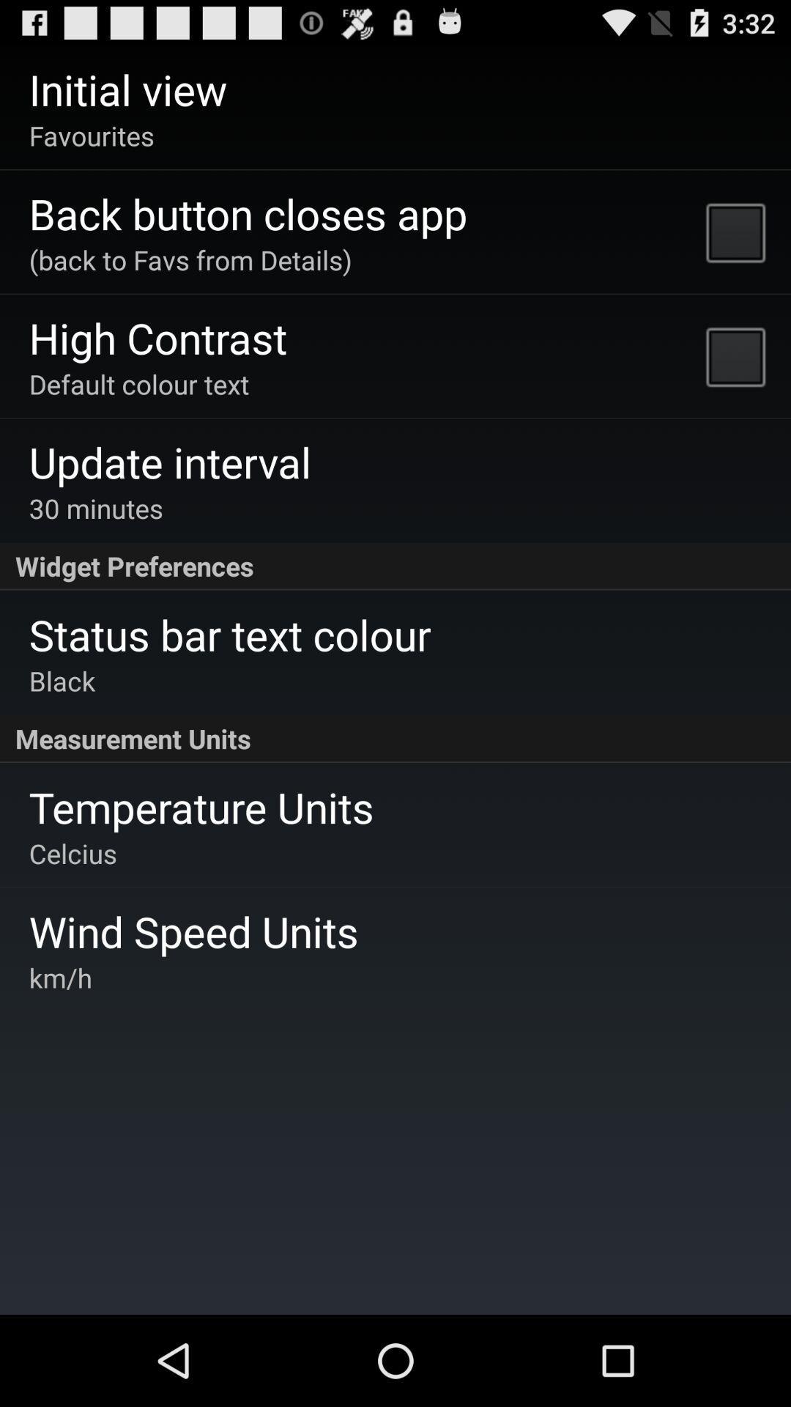  I want to click on item above the temperature units, so click(395, 739).